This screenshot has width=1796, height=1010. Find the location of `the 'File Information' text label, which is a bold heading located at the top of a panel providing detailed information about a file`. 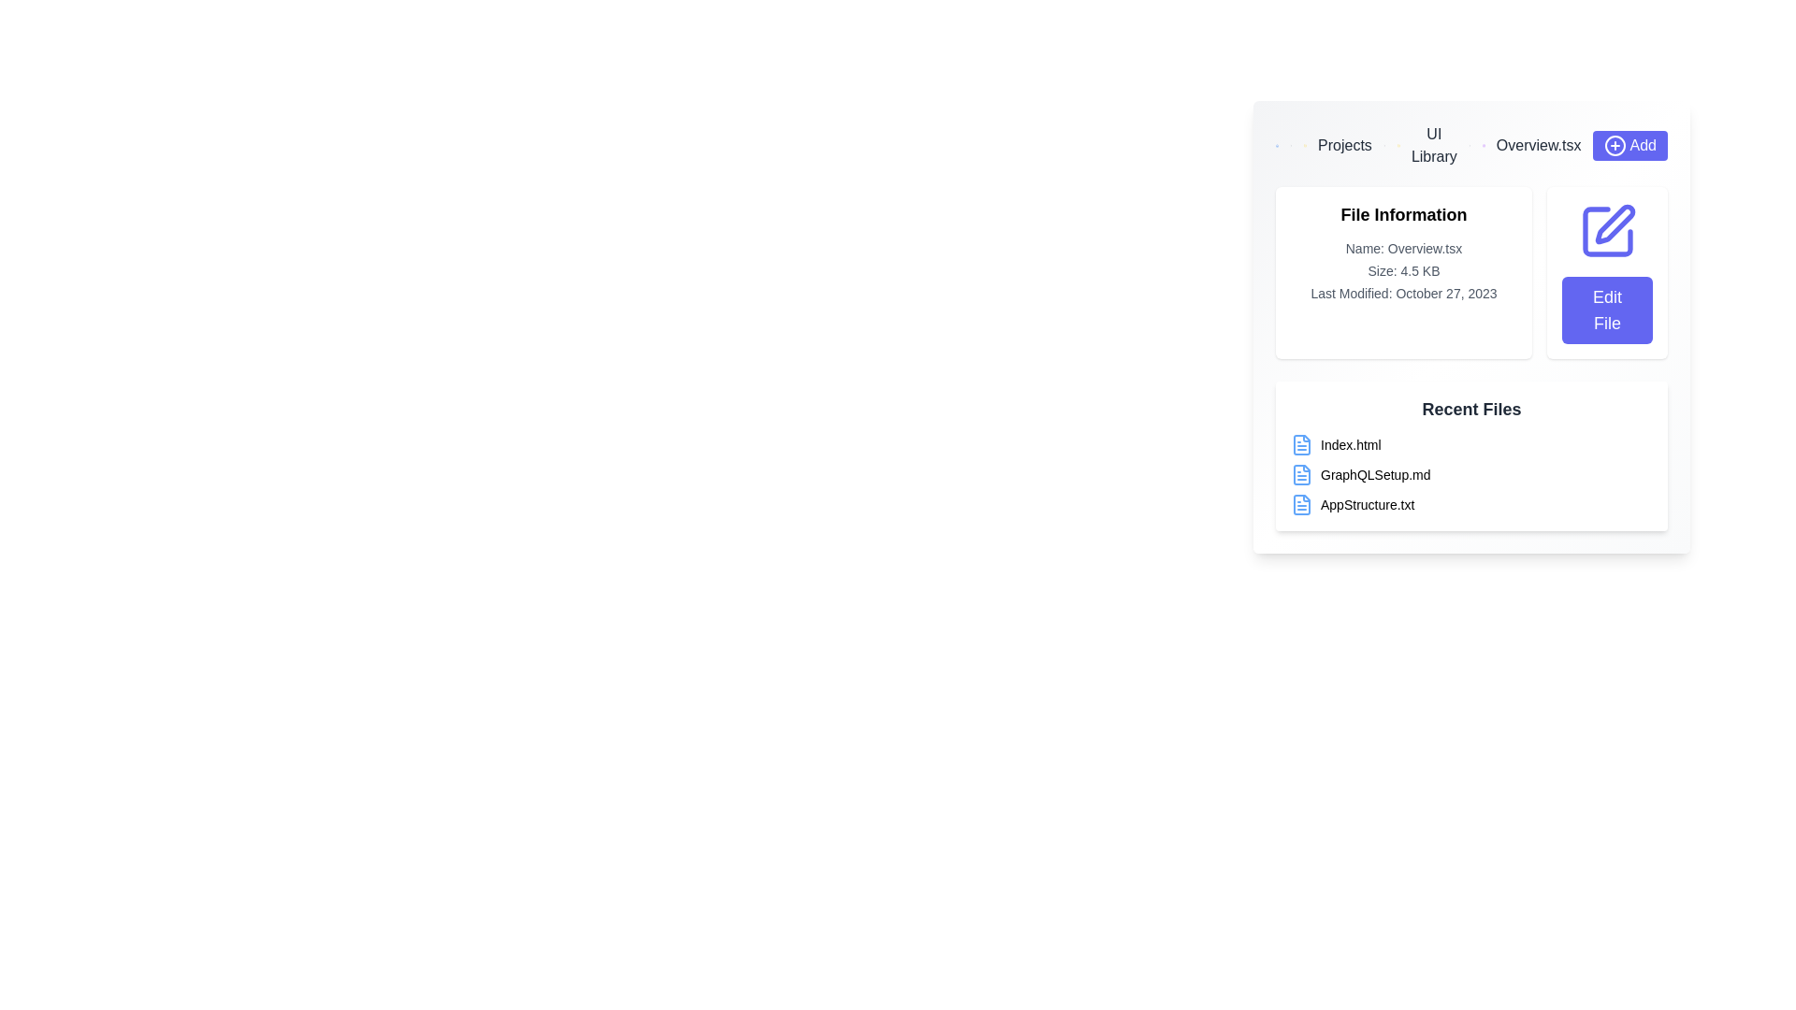

the 'File Information' text label, which is a bold heading located at the top of a panel providing detailed information about a file is located at coordinates (1404, 214).